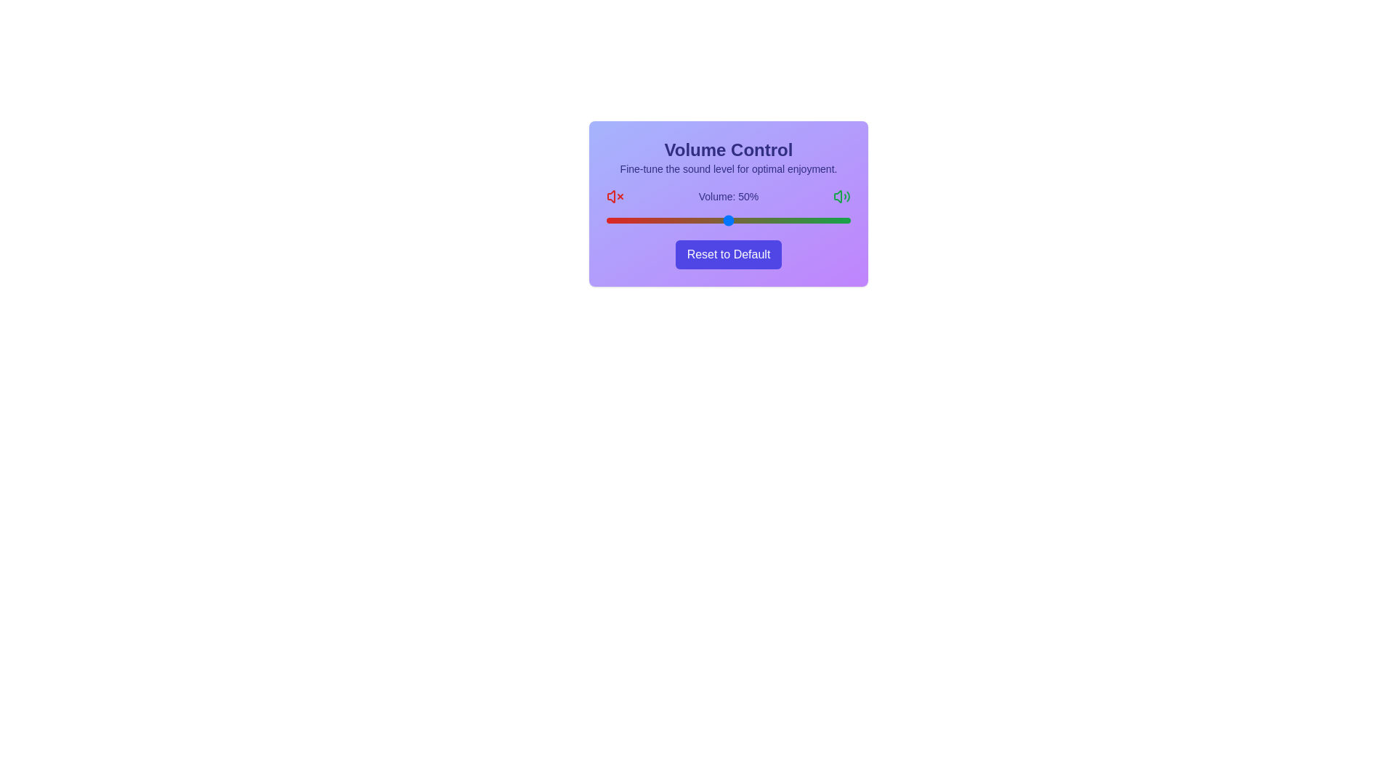 The width and height of the screenshot is (1395, 784). What do you see at coordinates (841, 221) in the screenshot?
I see `the volume slider to set the volume to 96%` at bounding box center [841, 221].